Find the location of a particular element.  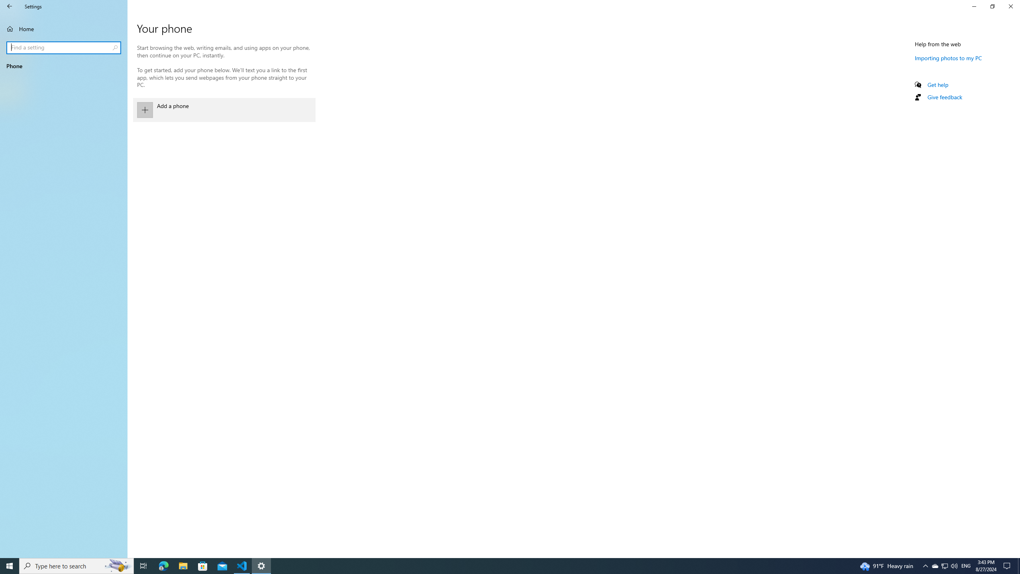

'Give feedback' is located at coordinates (944, 96).